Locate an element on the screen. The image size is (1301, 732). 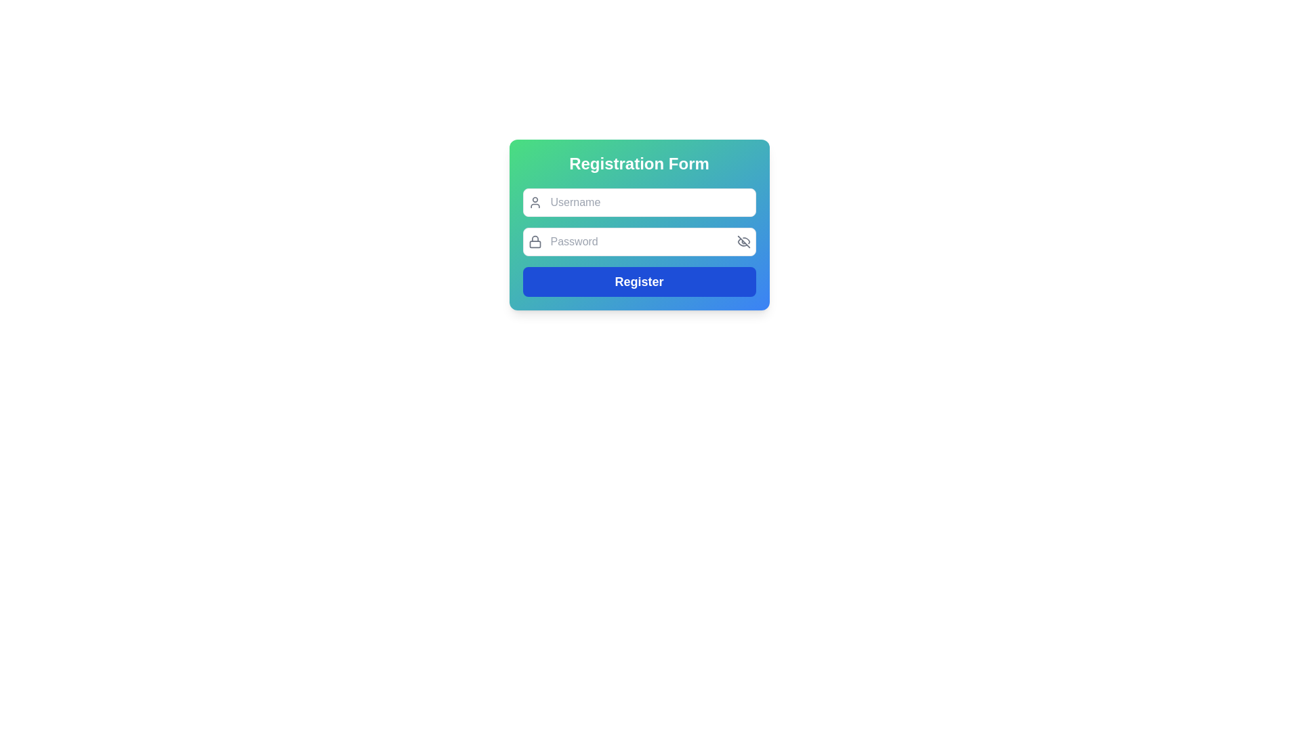
the strikethrough line segment of the eye-like icon representing the 'hide/show password' function to potentially display tooltips is located at coordinates (743, 241).